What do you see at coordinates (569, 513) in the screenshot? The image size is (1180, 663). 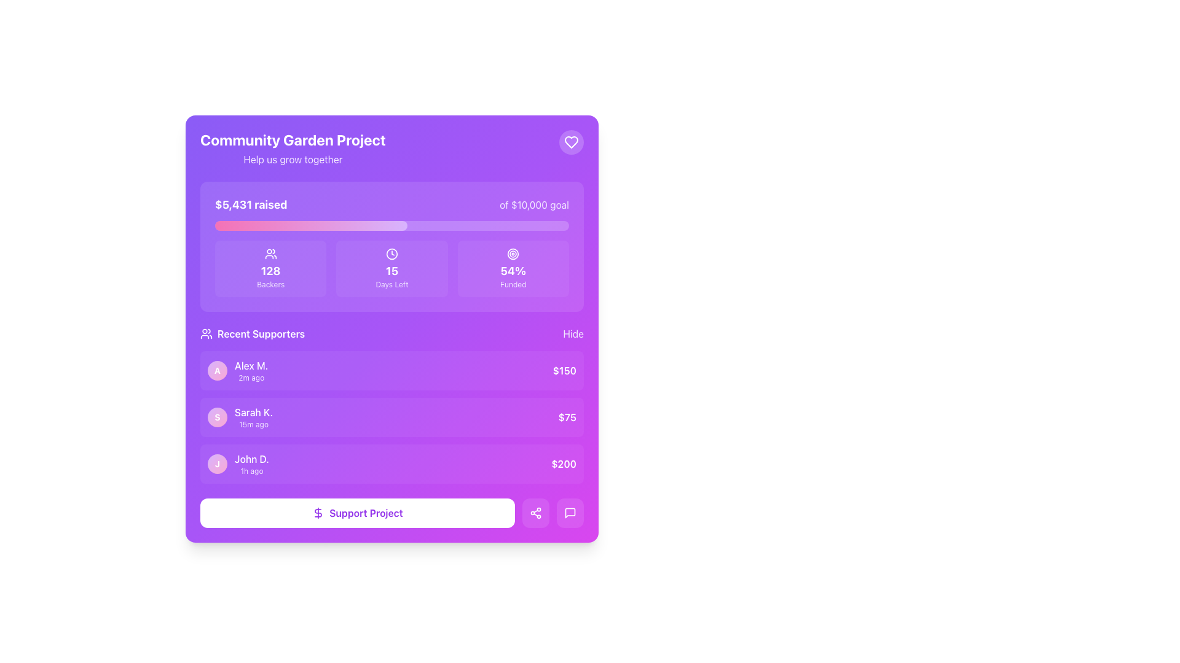 I see `the square button with rounded edges featuring a white speech bubble icon located in the lower-right corner of the 'Support Project' section` at bounding box center [569, 513].